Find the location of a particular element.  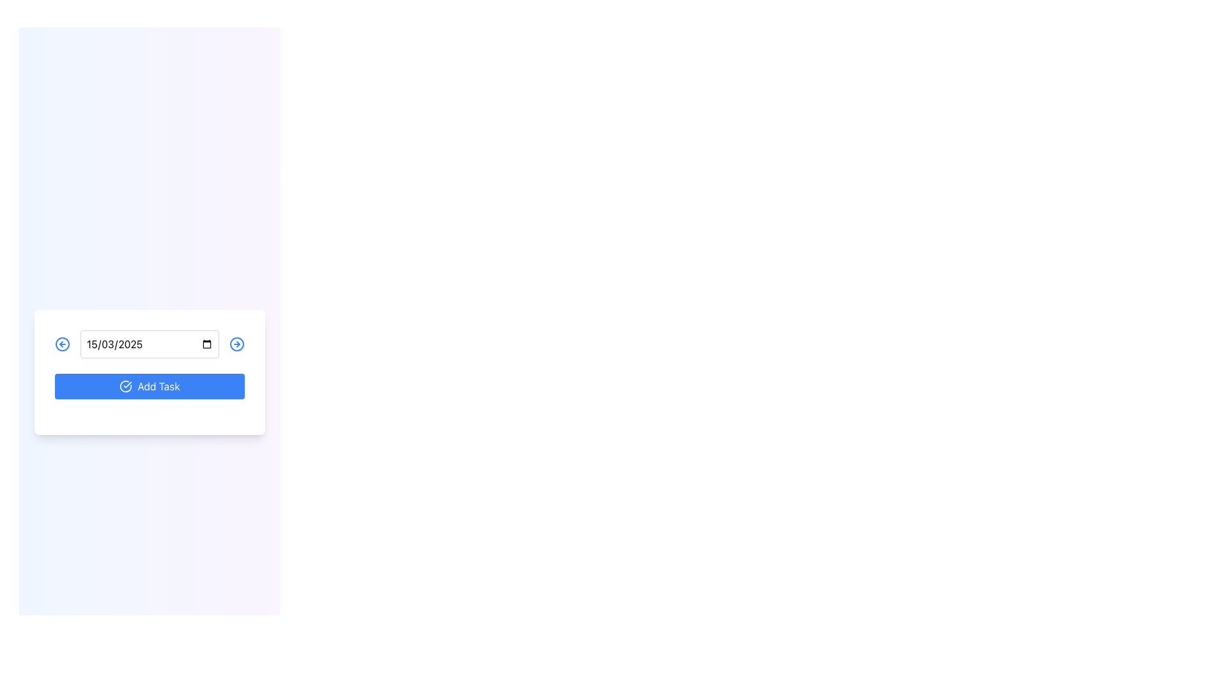

the circular arrow icon button with a blue outline, located on the left side of the user interface is located at coordinates (61, 344).